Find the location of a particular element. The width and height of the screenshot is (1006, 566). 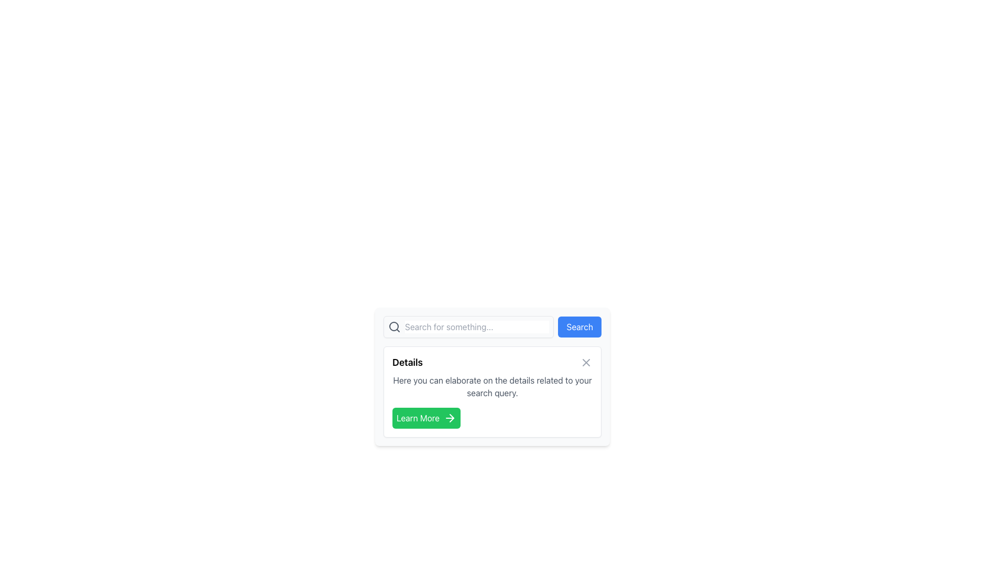

the button located within the 'Details' card component to observe the hover effect is located at coordinates (427, 418).